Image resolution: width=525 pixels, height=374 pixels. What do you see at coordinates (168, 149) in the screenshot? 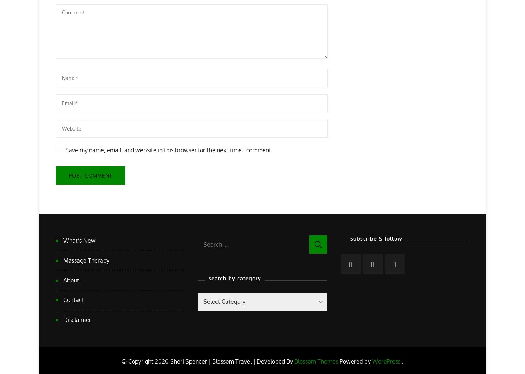
I see `'Save my name, email, and website in this browser for the next time I comment.'` at bounding box center [168, 149].